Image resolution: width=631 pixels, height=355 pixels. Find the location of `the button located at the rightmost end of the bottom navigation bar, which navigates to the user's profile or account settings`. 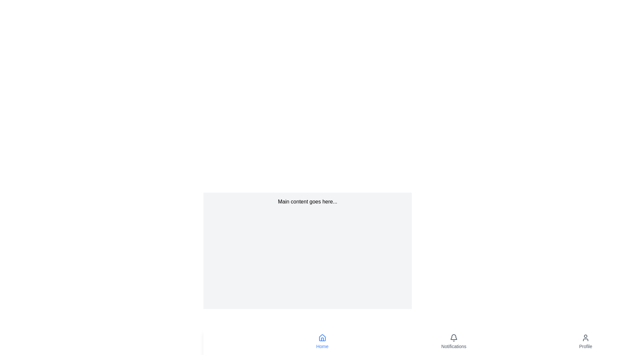

the button located at the rightmost end of the bottom navigation bar, which navigates to the user's profile or account settings is located at coordinates (586, 342).